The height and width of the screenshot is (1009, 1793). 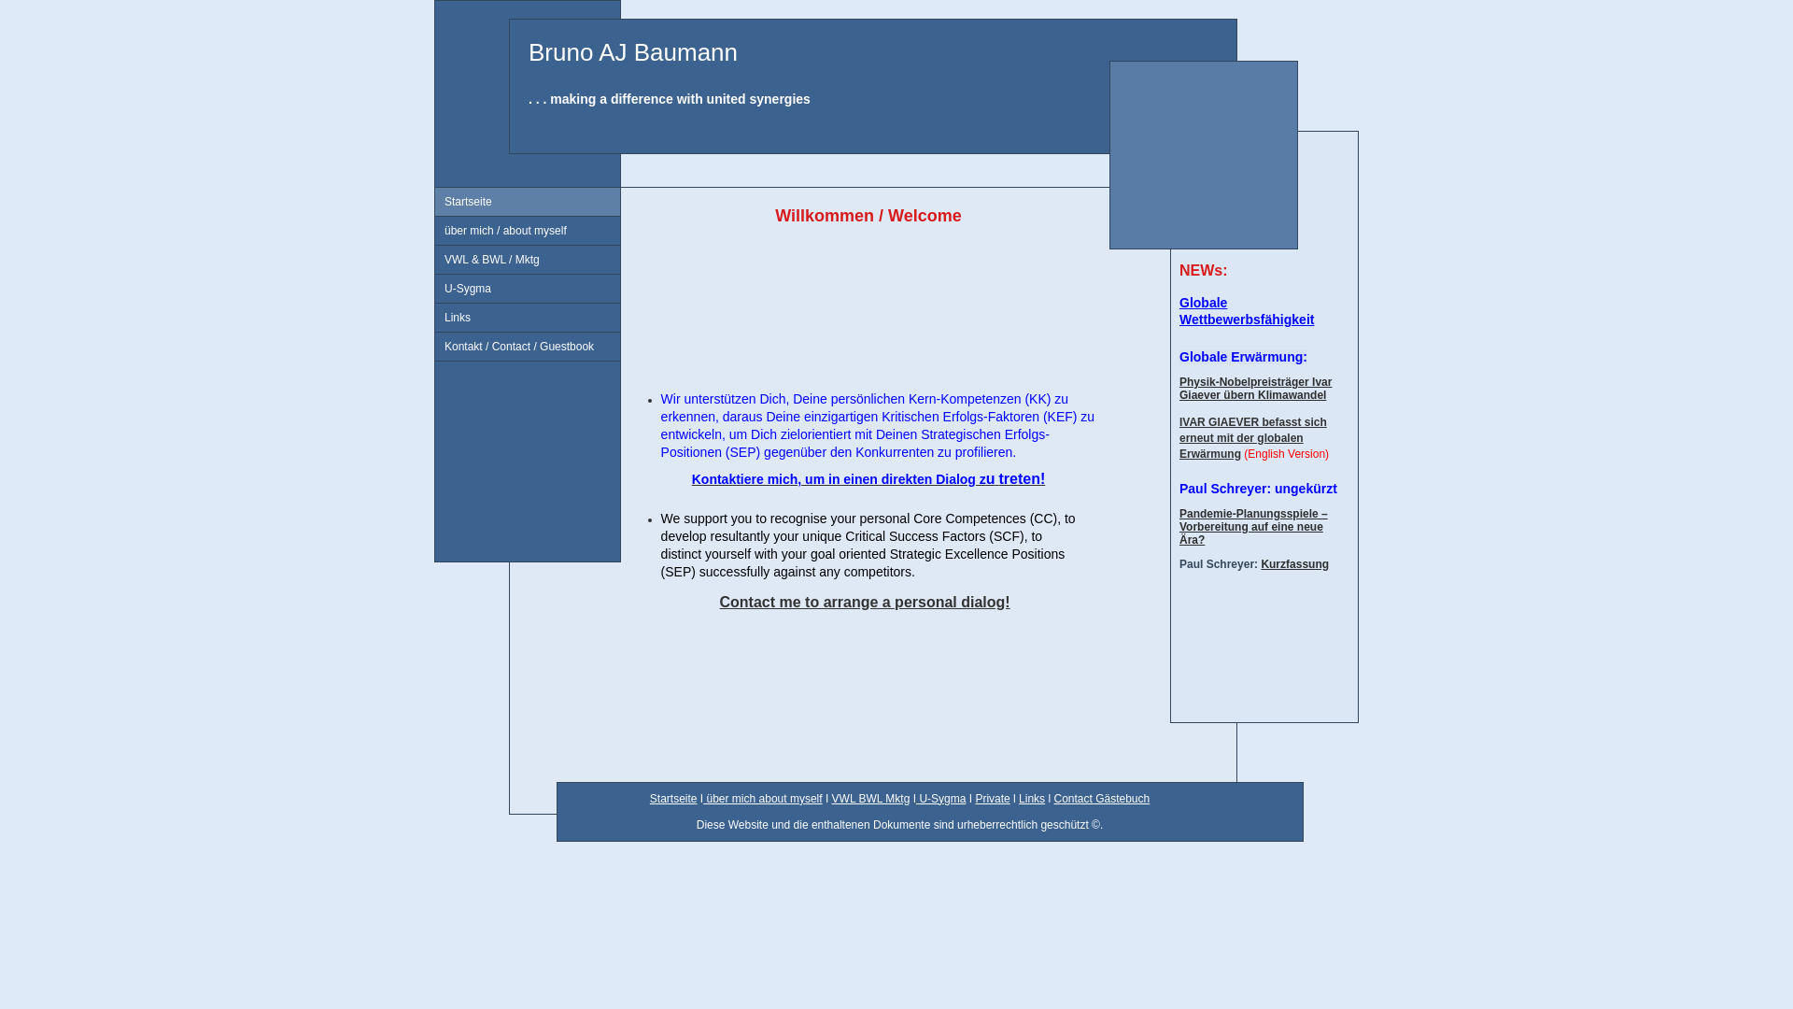 I want to click on 'Links', so click(x=433, y=317).